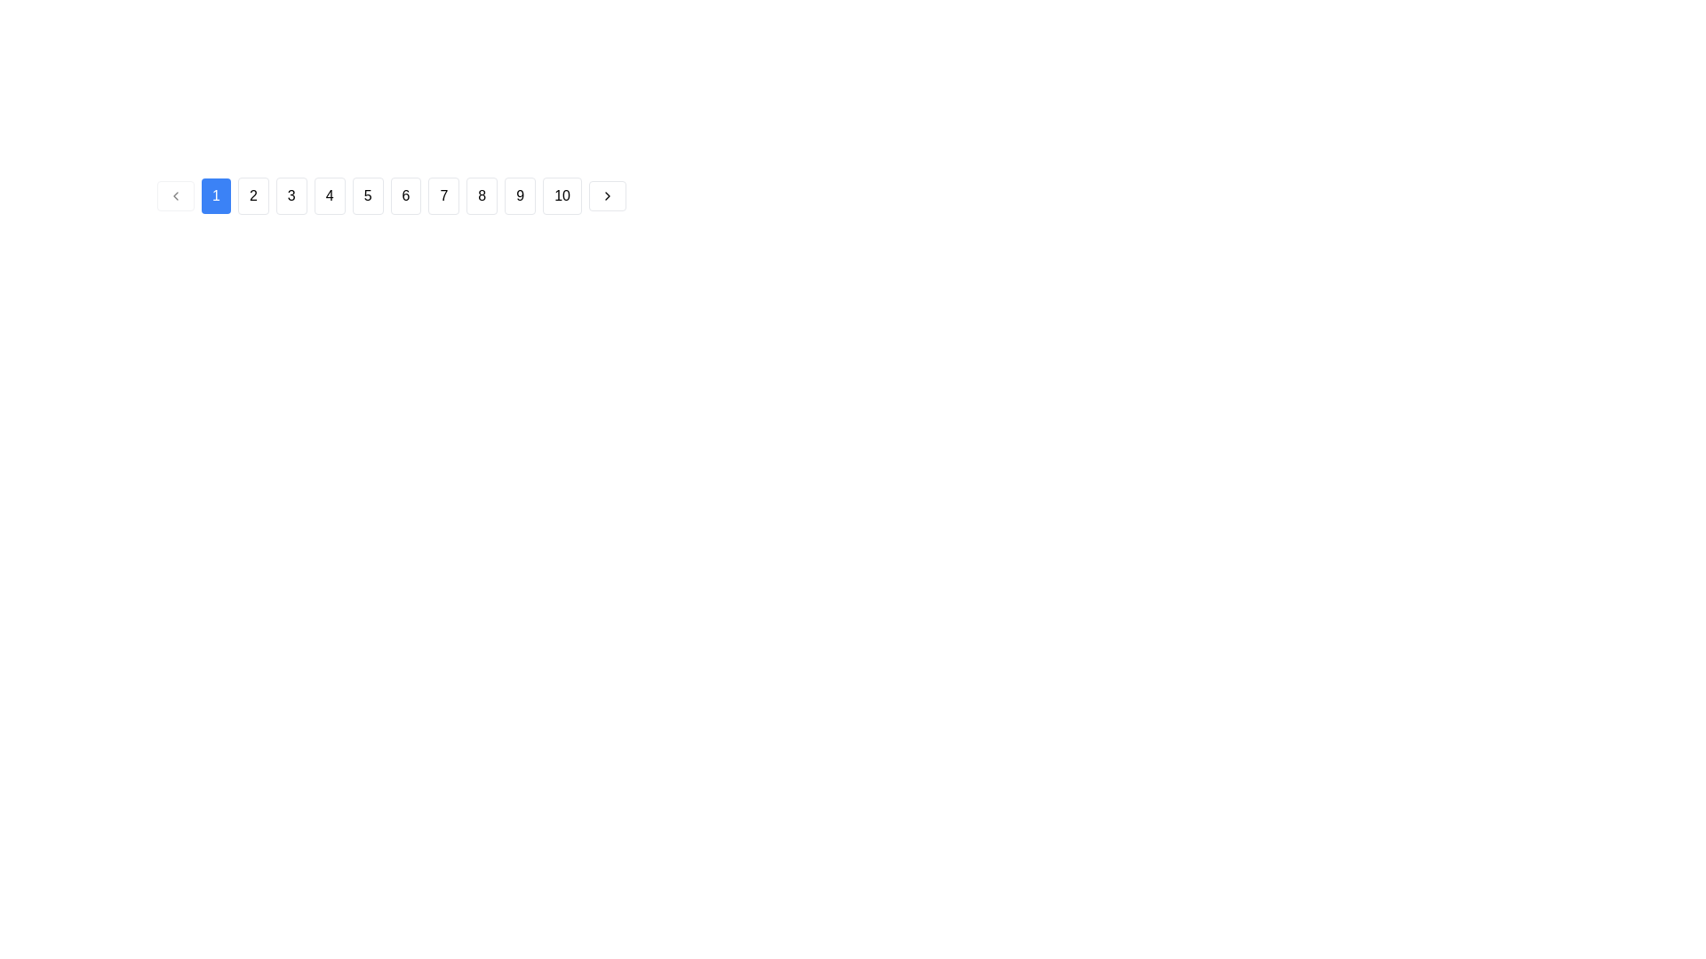 The height and width of the screenshot is (959, 1706). I want to click on the rounded rectangular button labeled '4', so click(330, 195).